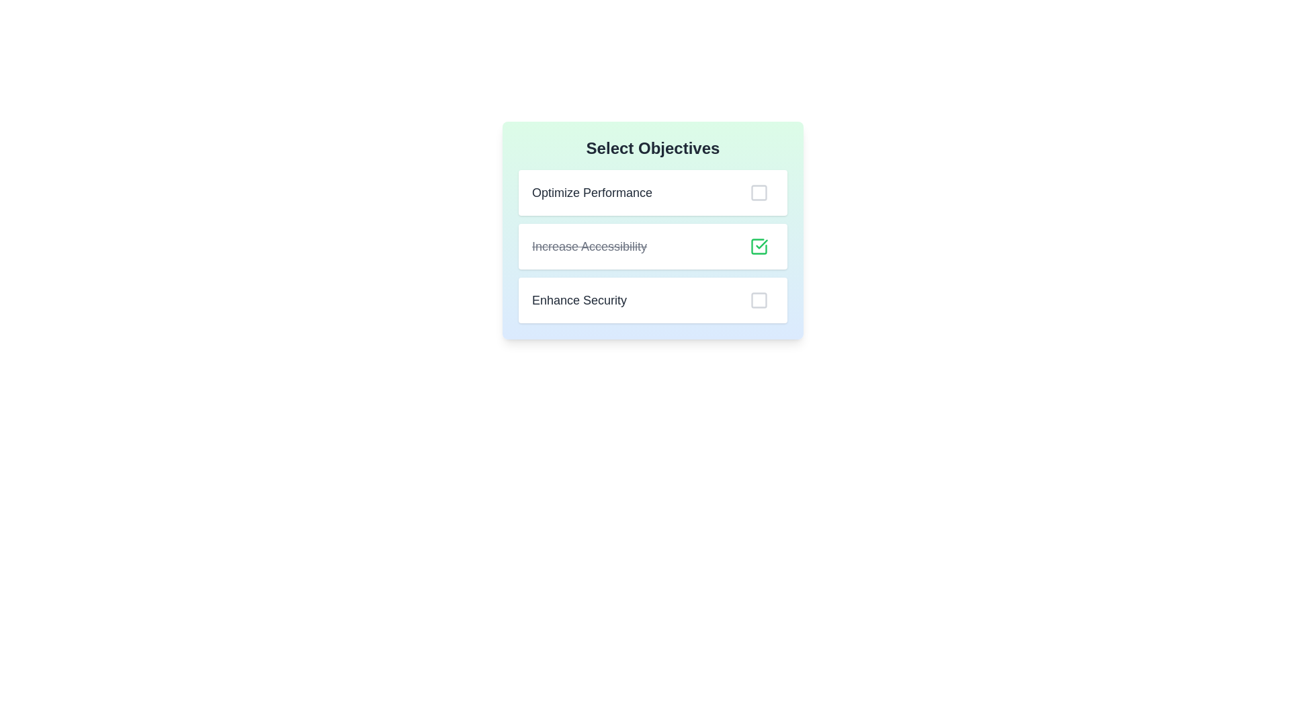 Image resolution: width=1290 pixels, height=726 pixels. Describe the element at coordinates (761, 243) in the screenshot. I see `the green checkmark icon in the graphical checkbox beside the 'Increase Accessibility' option` at that location.